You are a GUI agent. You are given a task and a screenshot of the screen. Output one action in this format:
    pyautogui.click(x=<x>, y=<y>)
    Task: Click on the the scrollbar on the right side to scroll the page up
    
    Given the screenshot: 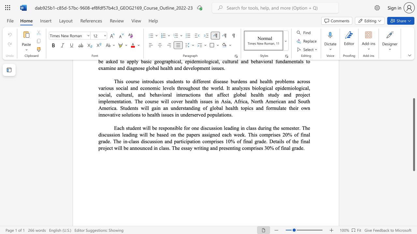 What is the action you would take?
    pyautogui.click(x=413, y=88)
    